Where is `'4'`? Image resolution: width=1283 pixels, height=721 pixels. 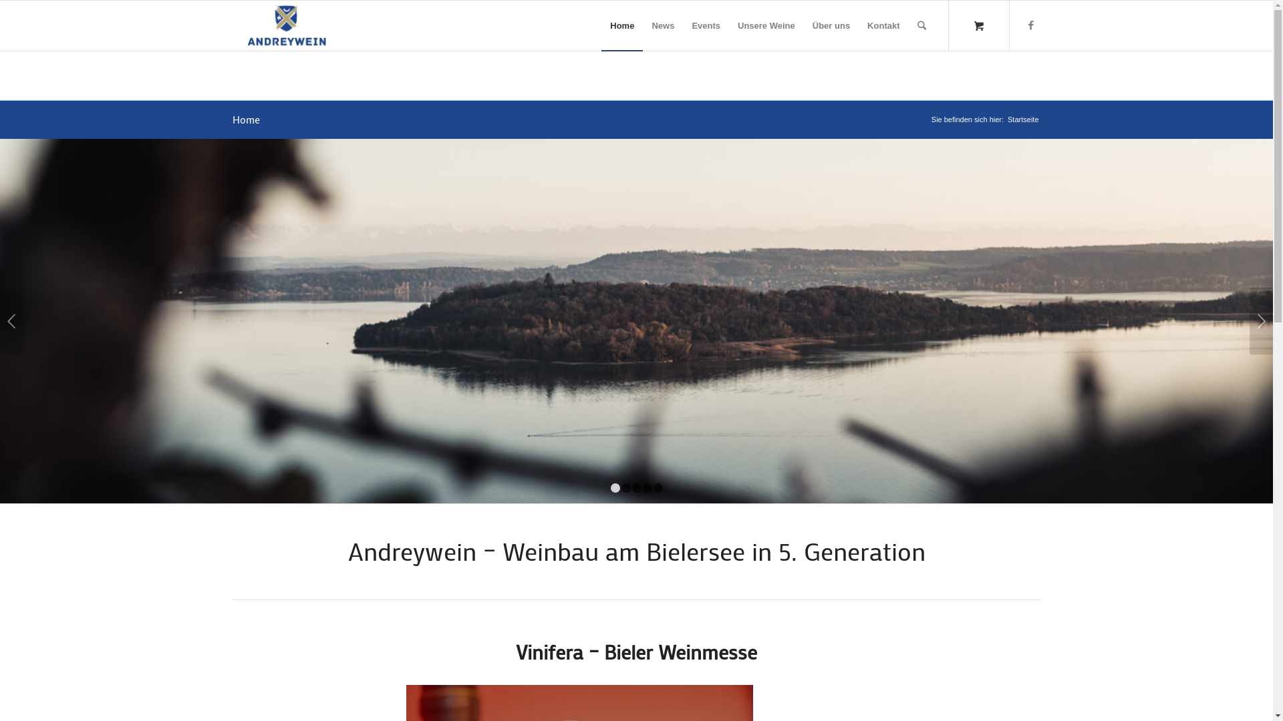
'4' is located at coordinates (648, 488).